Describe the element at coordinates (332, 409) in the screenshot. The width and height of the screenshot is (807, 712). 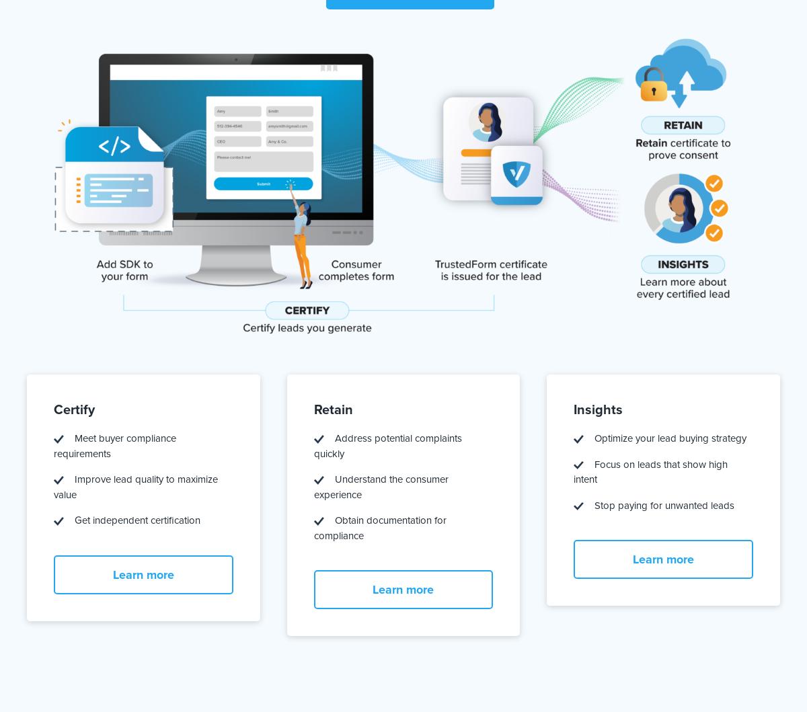
I see `'Retain'` at that location.